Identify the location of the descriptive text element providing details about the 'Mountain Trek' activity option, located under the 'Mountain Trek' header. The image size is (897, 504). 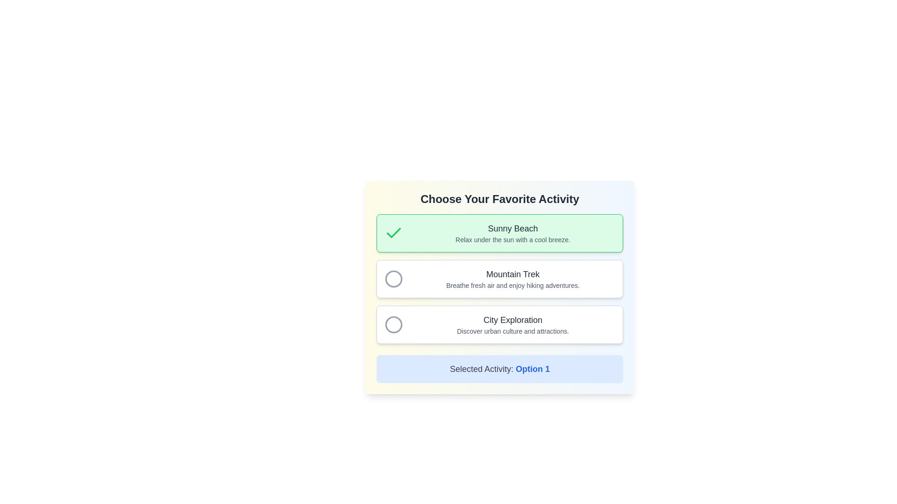
(513, 285).